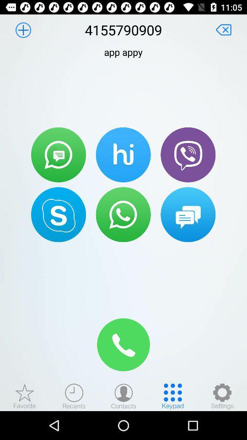  I want to click on as favorite, so click(25, 396).